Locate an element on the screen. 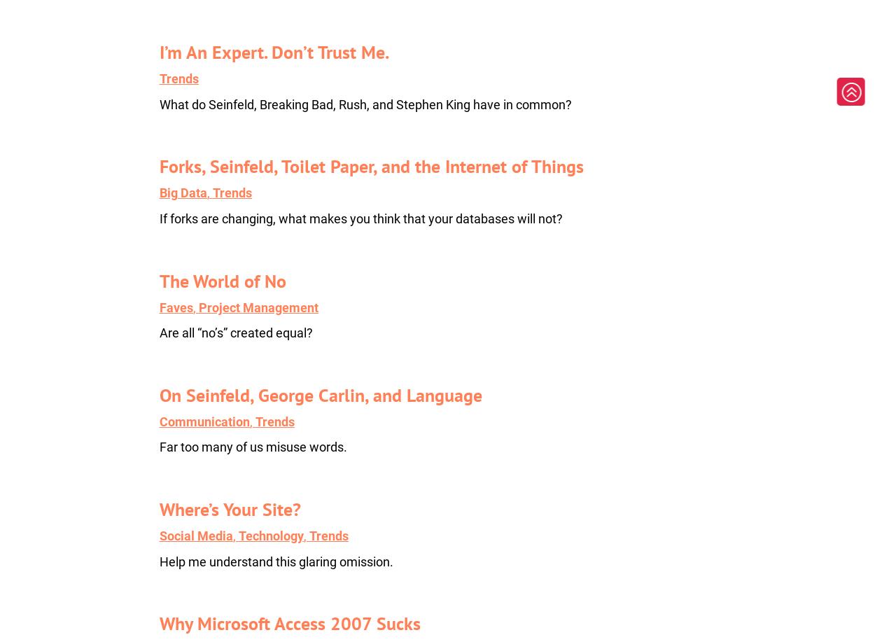  'The World of No' is located at coordinates (158, 280).